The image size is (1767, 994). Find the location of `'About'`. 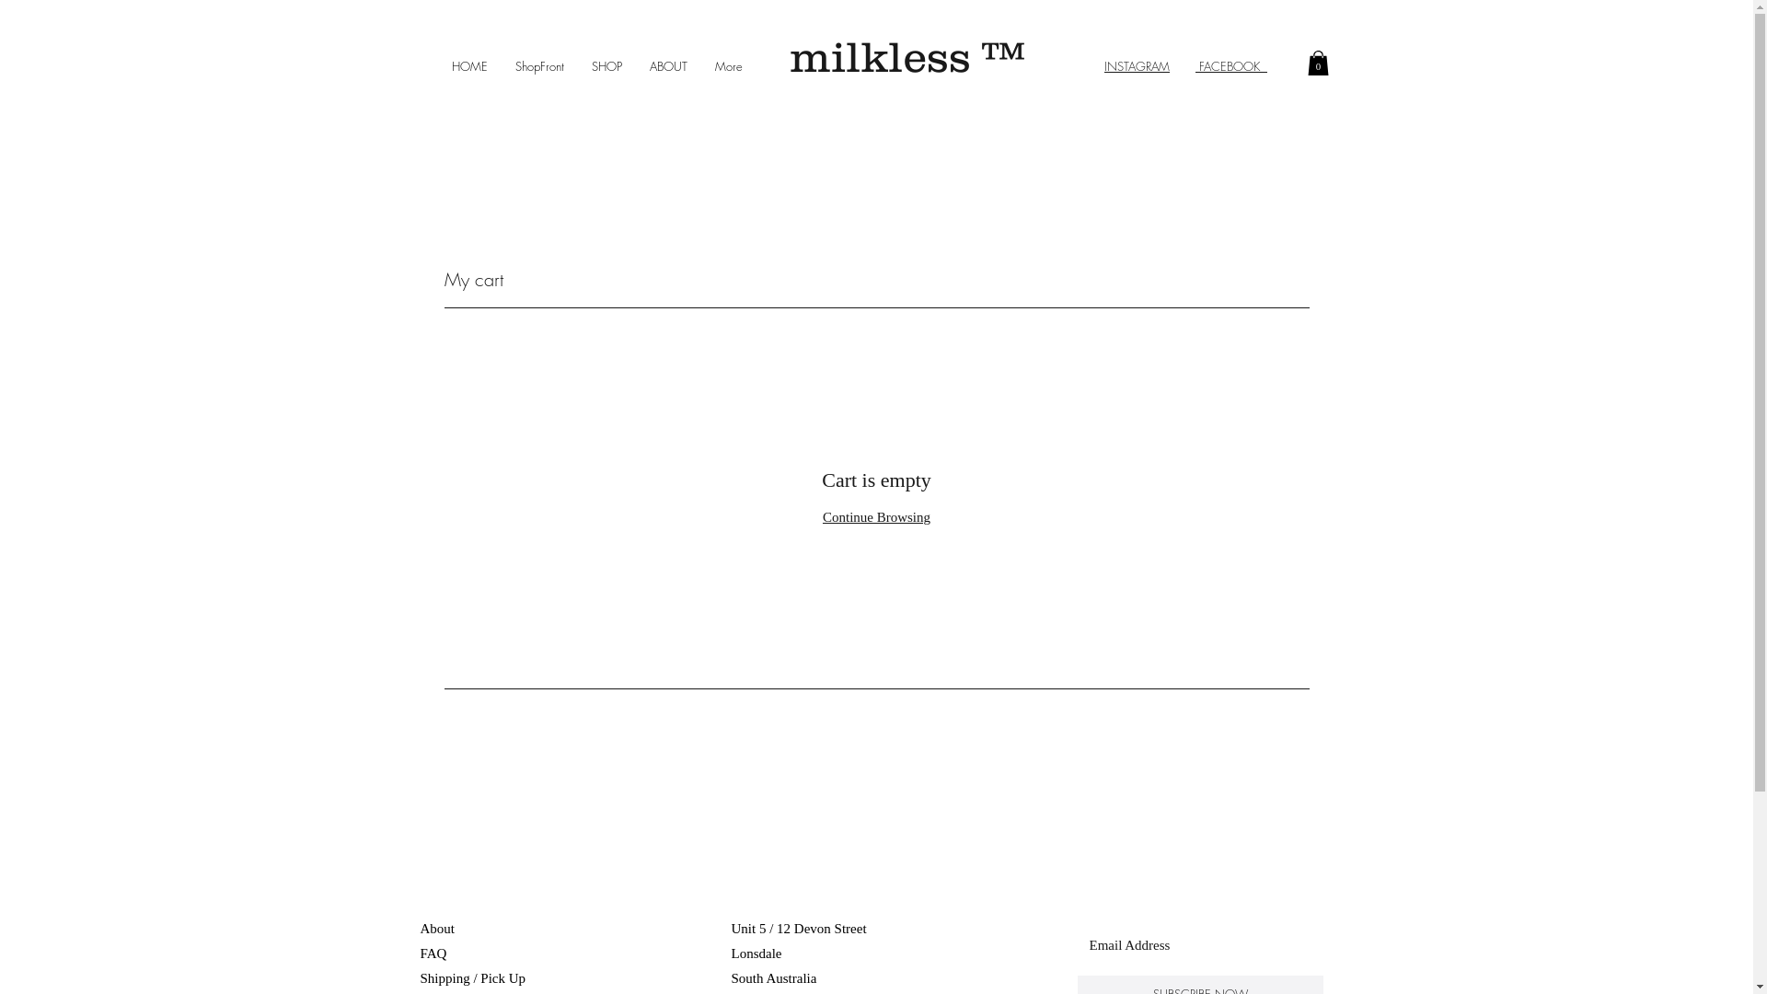

'About' is located at coordinates (436, 929).